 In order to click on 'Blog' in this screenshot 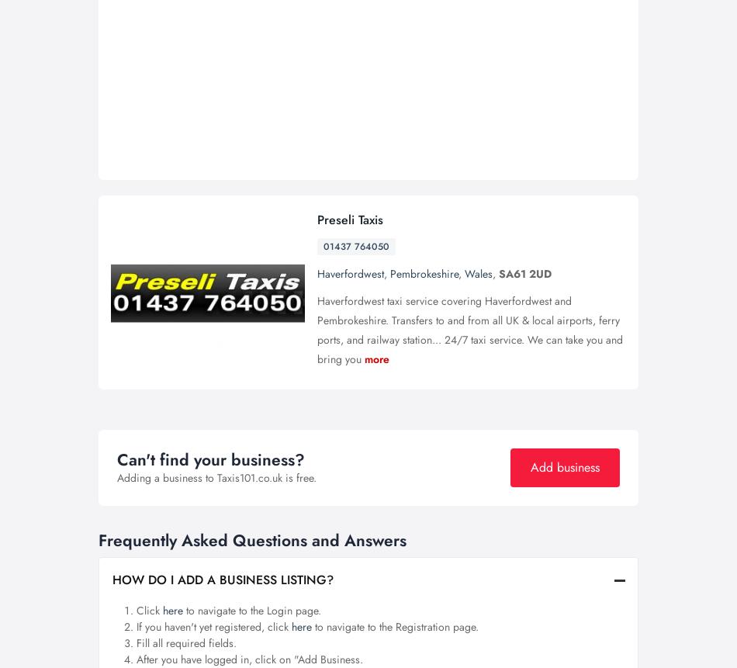, I will do `click(294, 123)`.